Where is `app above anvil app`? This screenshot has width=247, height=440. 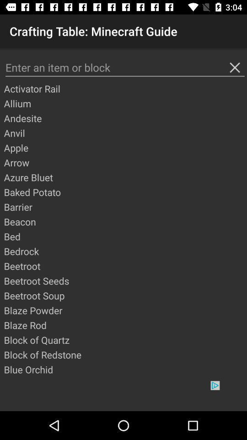 app above anvil app is located at coordinates (124, 117).